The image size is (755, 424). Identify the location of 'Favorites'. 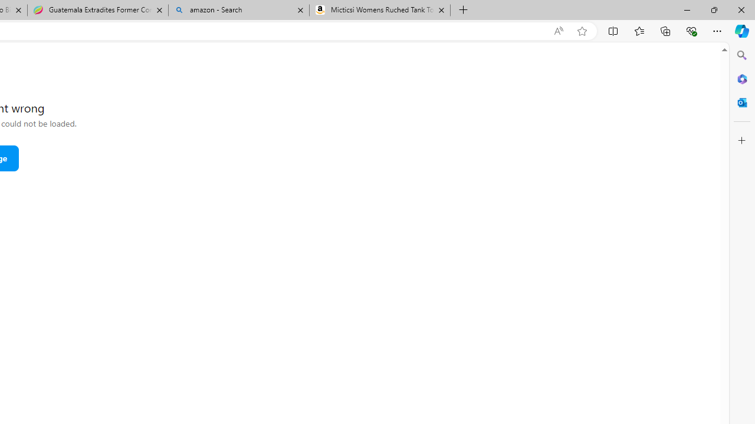
(638, 30).